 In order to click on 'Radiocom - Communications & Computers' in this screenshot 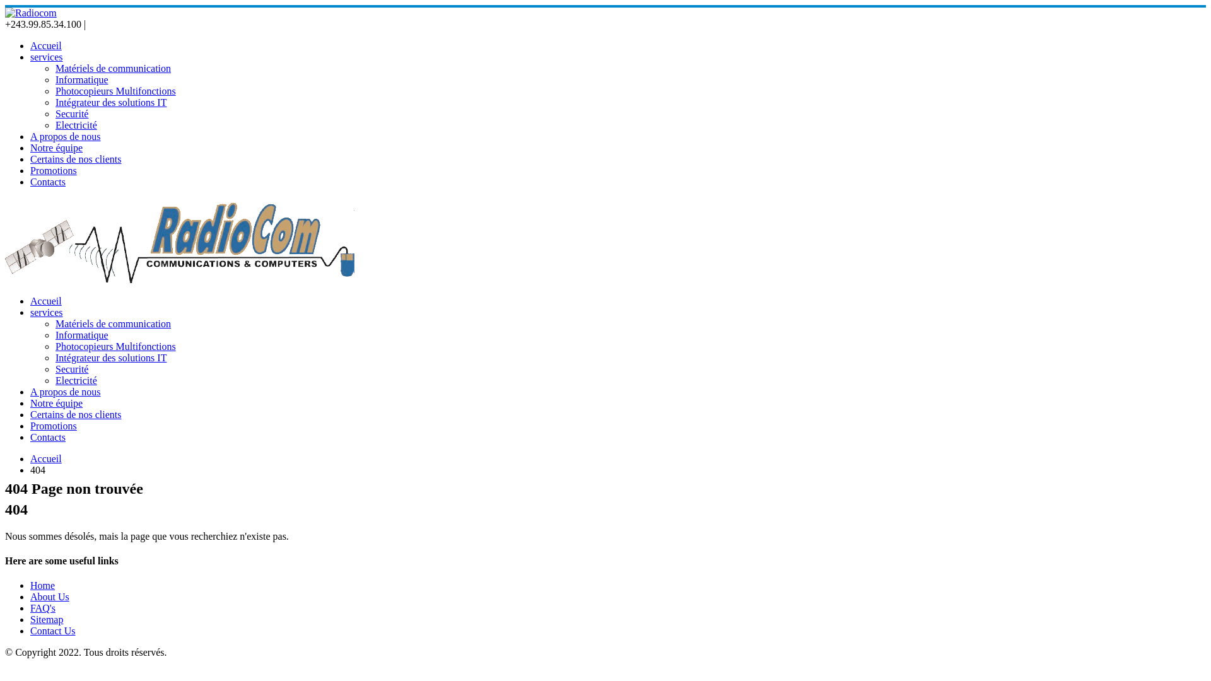, I will do `click(5, 13)`.